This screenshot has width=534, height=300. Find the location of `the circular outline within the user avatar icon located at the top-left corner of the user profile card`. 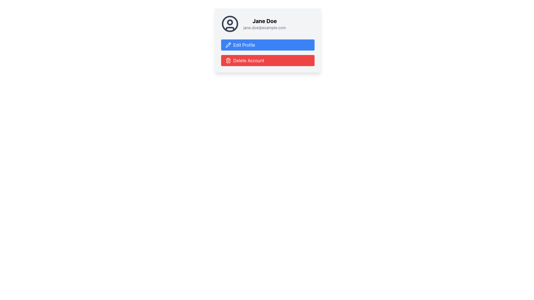

the circular outline within the user avatar icon located at the top-left corner of the user profile card is located at coordinates (230, 23).